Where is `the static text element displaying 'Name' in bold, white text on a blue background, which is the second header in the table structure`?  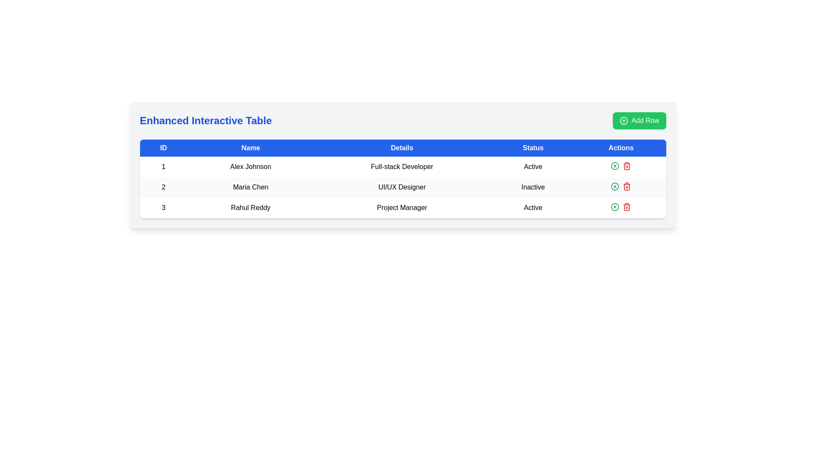
the static text element displaying 'Name' in bold, white text on a blue background, which is the second header in the table structure is located at coordinates (250, 148).